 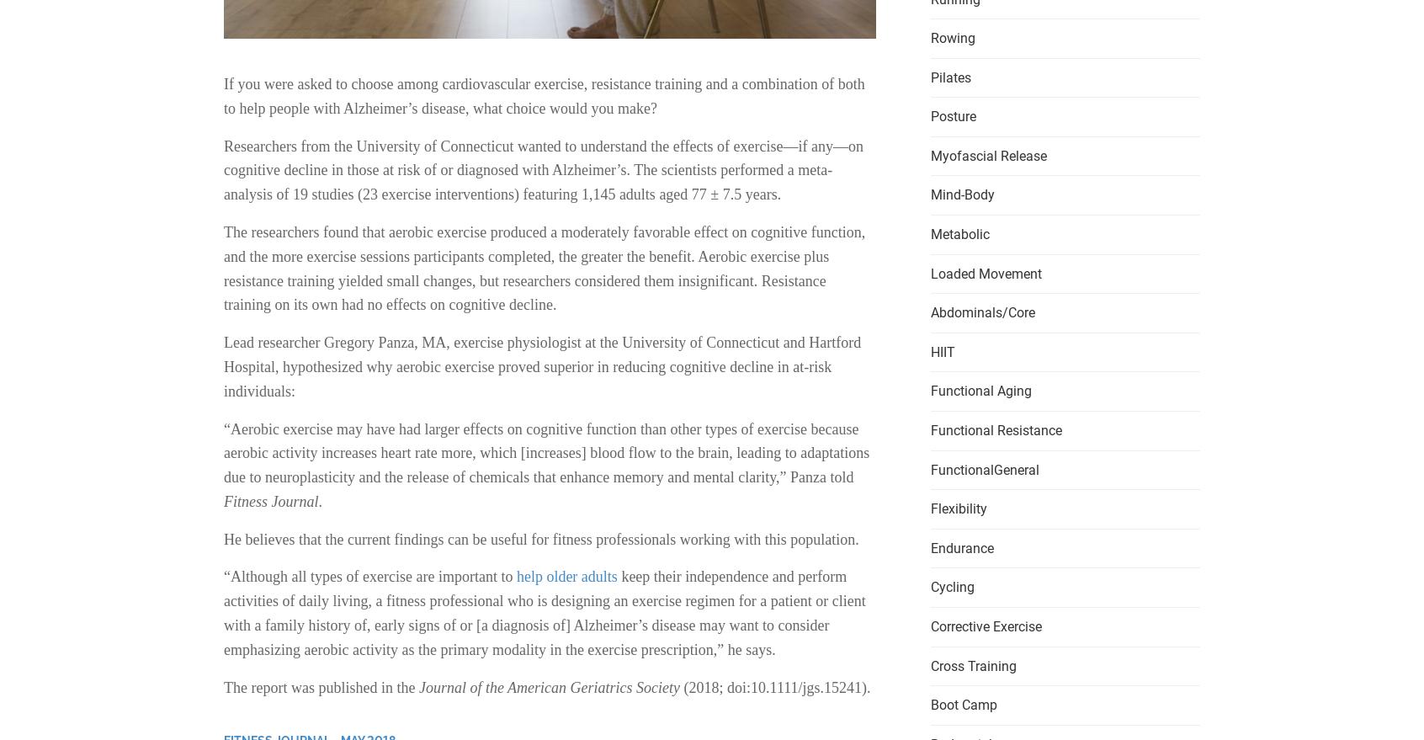 What do you see at coordinates (996, 429) in the screenshot?
I see `'Functional Resistance'` at bounding box center [996, 429].